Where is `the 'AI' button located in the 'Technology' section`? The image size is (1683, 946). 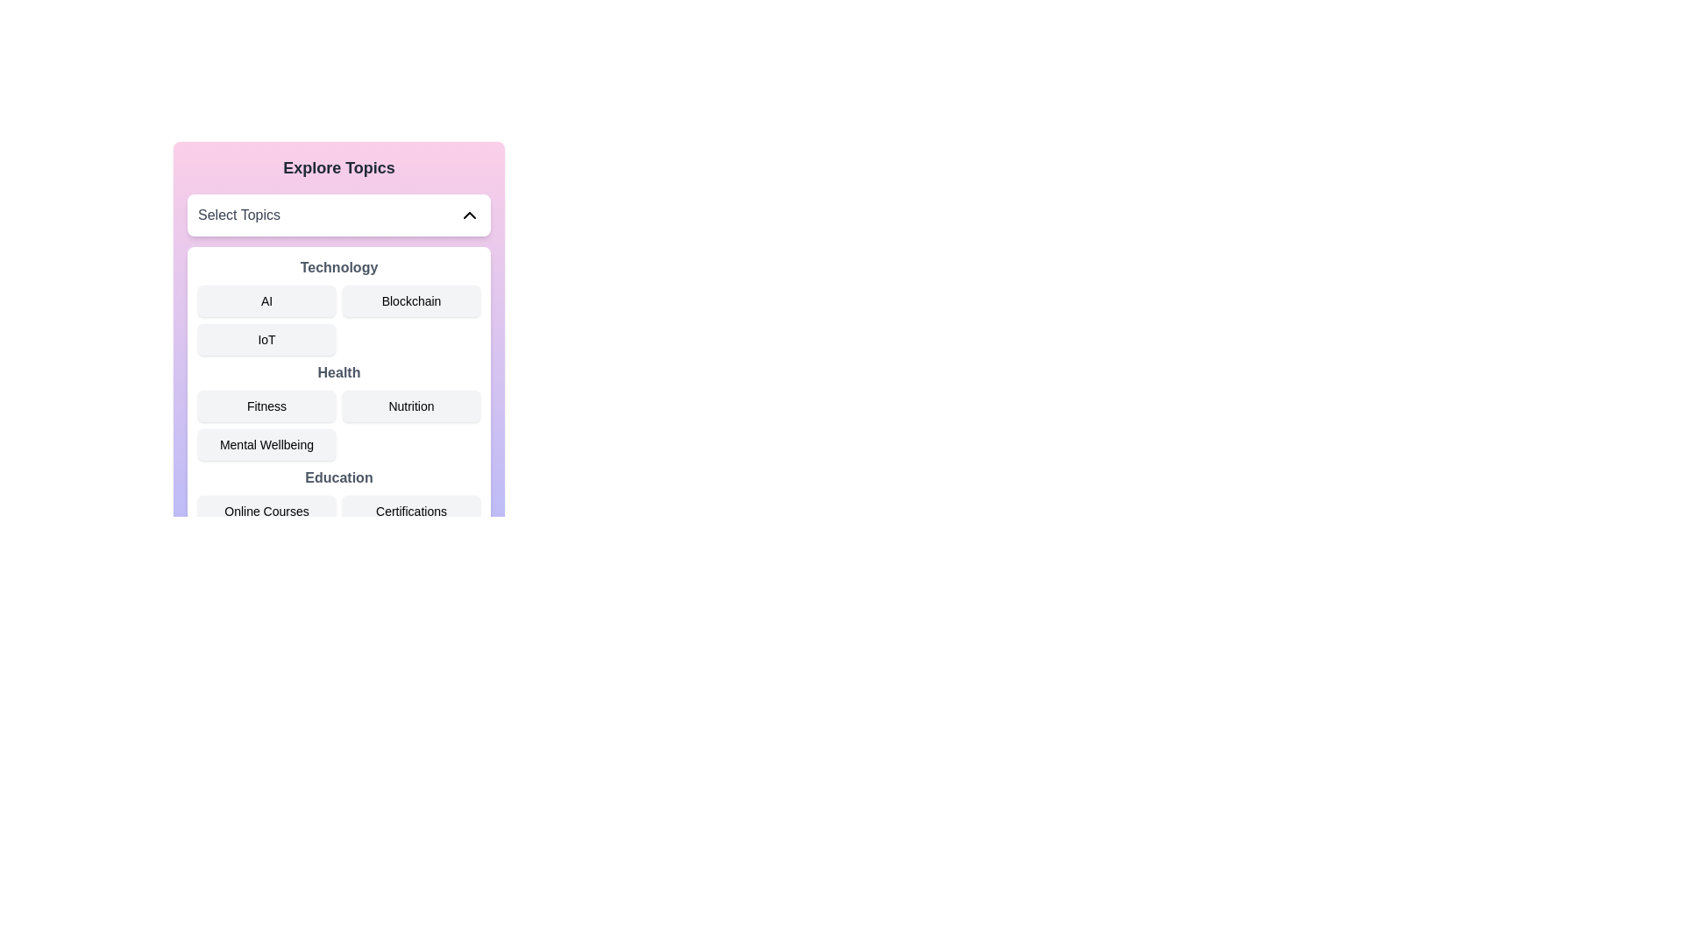 the 'AI' button located in the 'Technology' section is located at coordinates (266, 300).